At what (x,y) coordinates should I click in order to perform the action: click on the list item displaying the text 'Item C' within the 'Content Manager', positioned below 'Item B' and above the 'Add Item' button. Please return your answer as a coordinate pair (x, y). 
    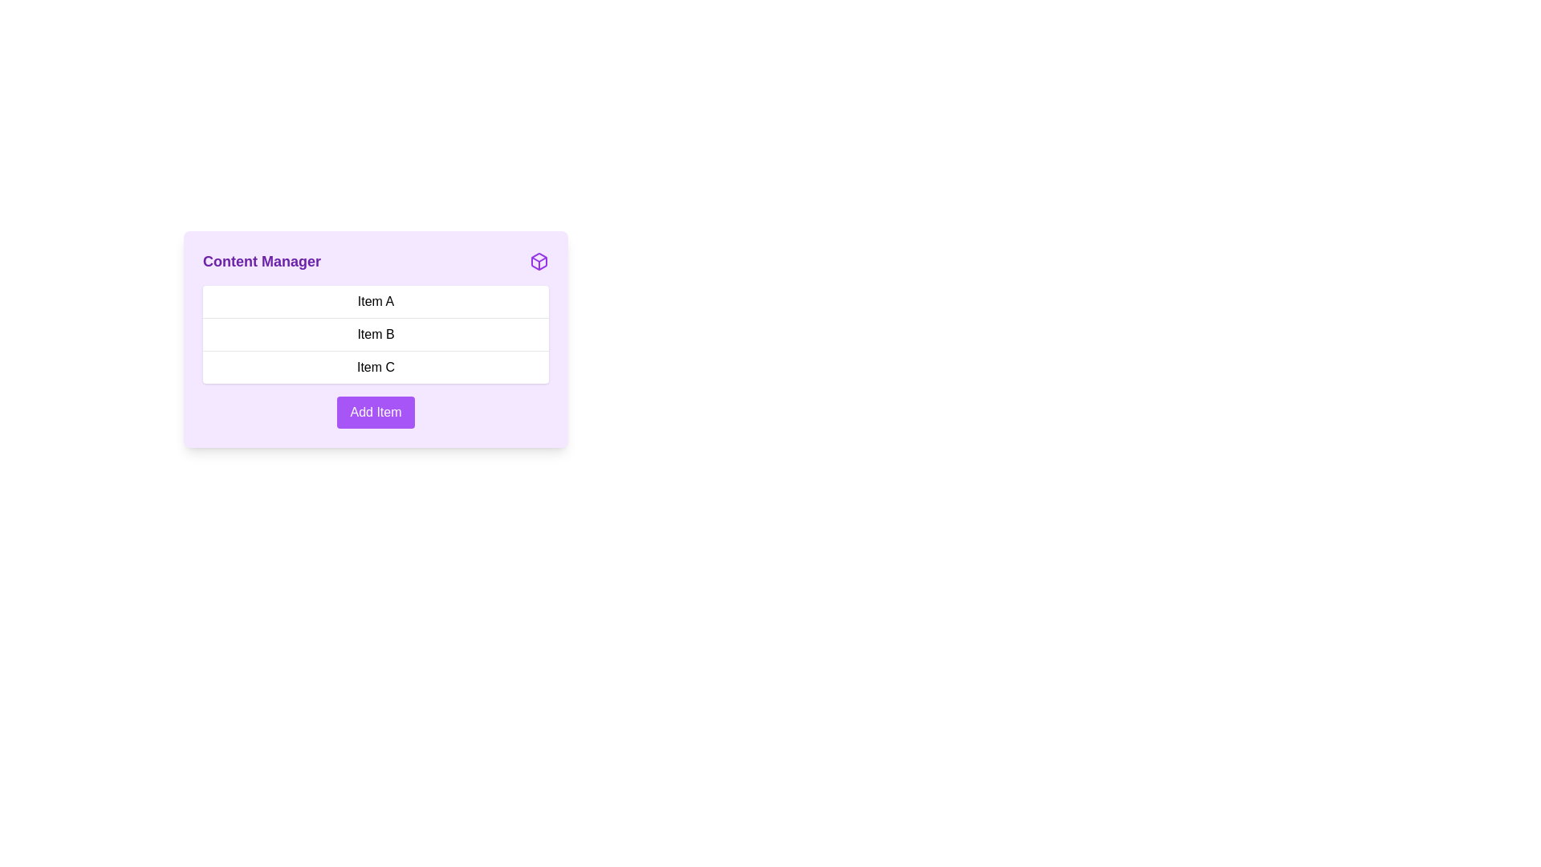
    Looking at the image, I should click on (375, 367).